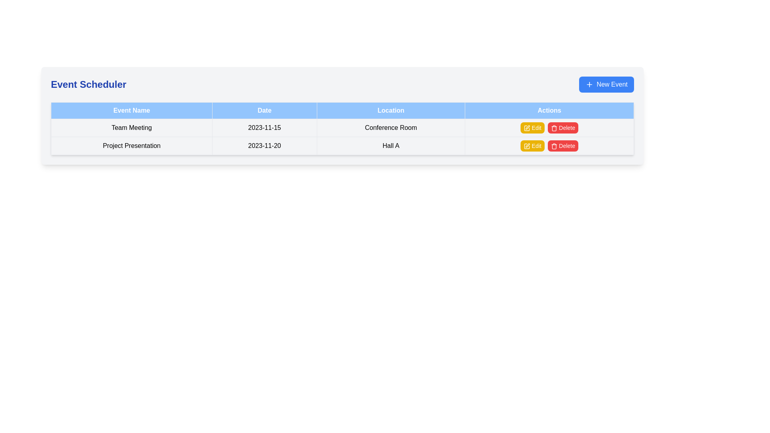 Image resolution: width=770 pixels, height=433 pixels. Describe the element at coordinates (549, 127) in the screenshot. I see `the interactive buttons in the 'Actions' column of the first row` at that location.